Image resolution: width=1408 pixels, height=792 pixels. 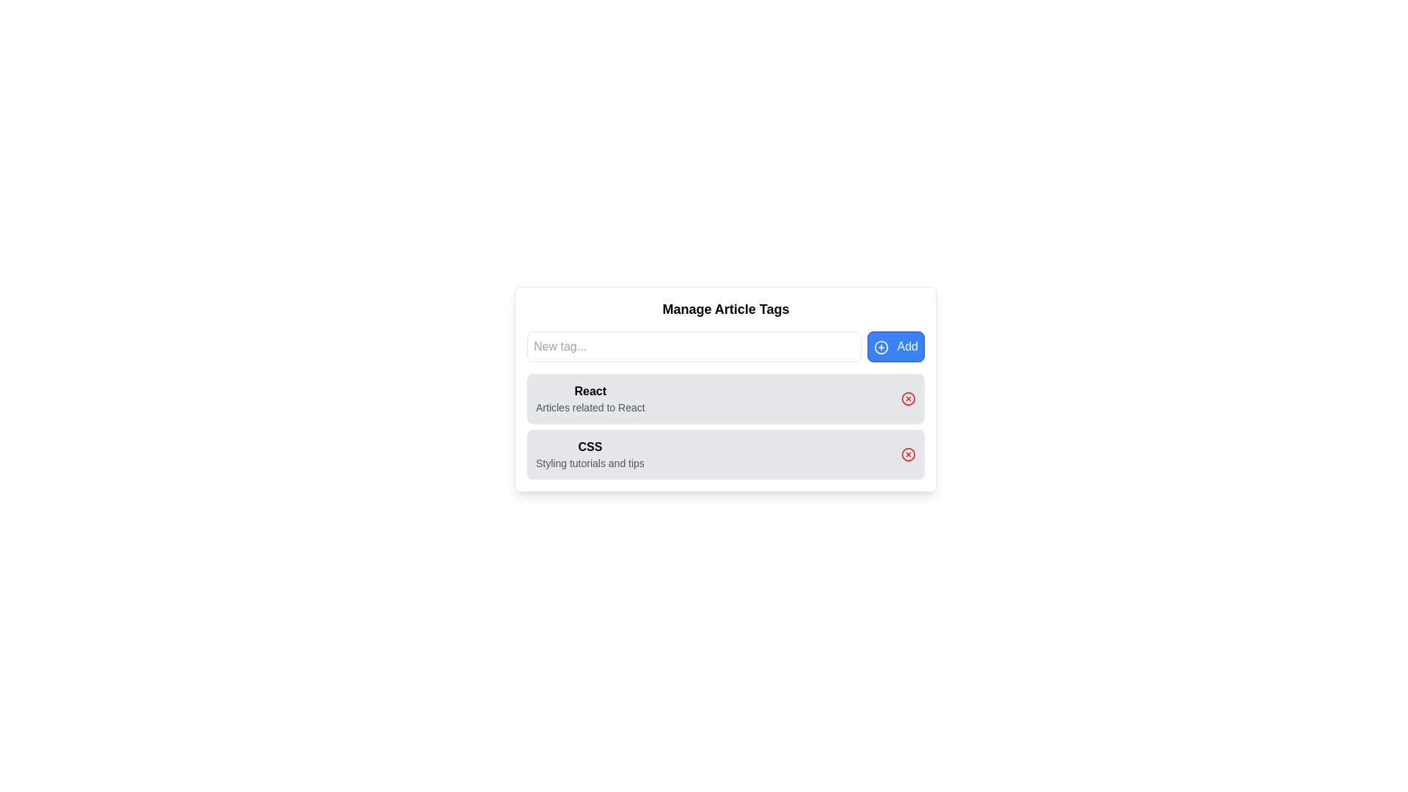 I want to click on the close or delete button for the 'React' item, which is located at the far-right end of the 'React' row in the list of tags, so click(x=907, y=398).